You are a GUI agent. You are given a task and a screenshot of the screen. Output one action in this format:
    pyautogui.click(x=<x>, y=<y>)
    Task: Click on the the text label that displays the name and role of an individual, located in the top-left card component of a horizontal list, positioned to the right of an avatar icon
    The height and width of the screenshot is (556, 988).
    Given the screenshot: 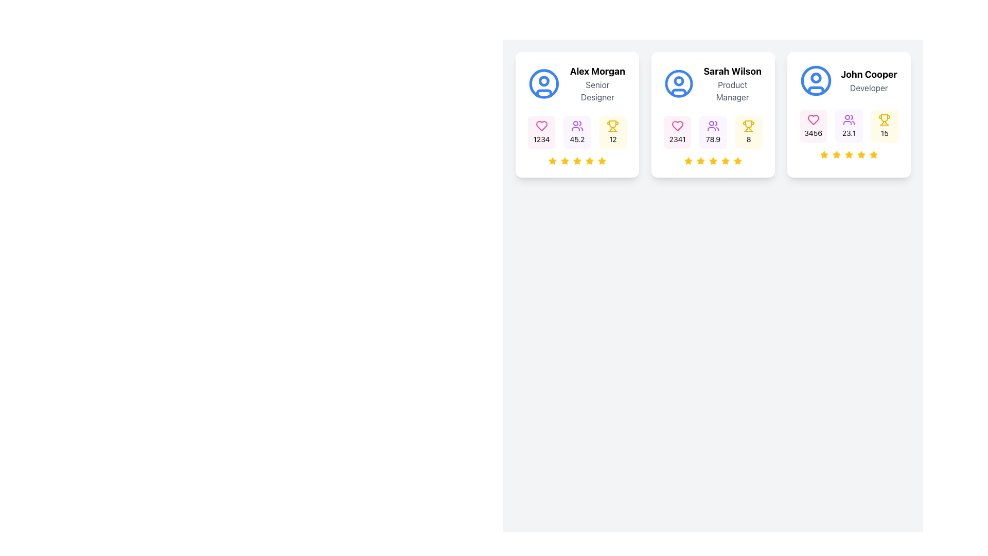 What is the action you would take?
    pyautogui.click(x=597, y=83)
    